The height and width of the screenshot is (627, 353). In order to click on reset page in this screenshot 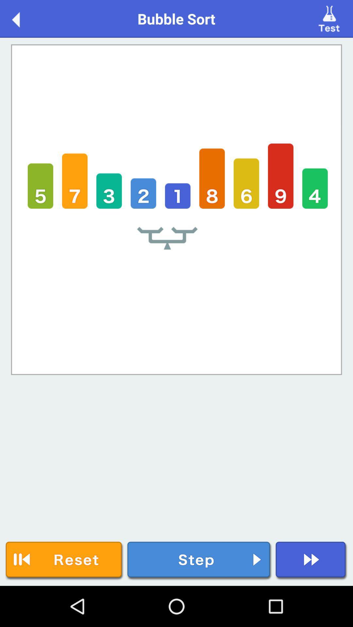, I will do `click(64, 560)`.